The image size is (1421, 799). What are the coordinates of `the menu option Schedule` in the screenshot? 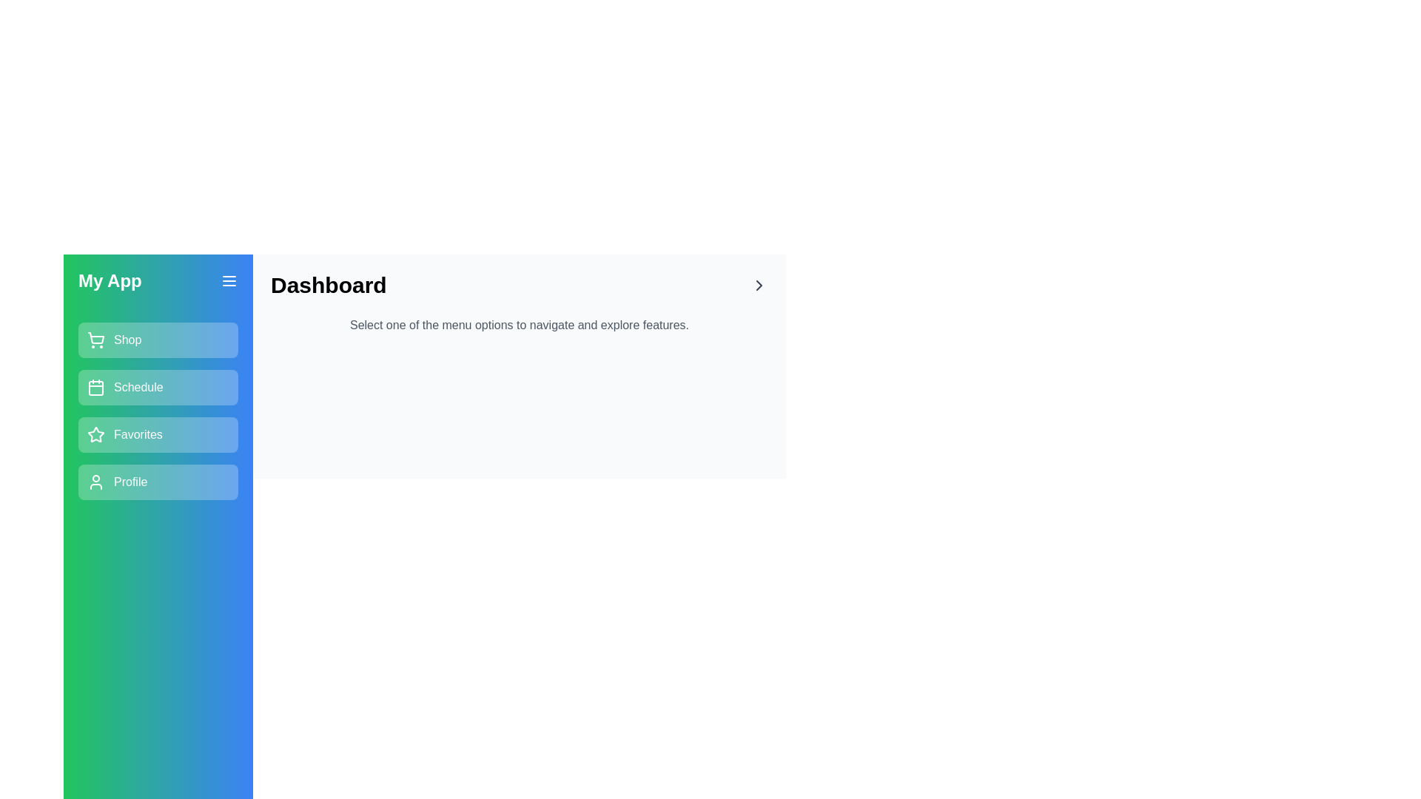 It's located at (158, 387).